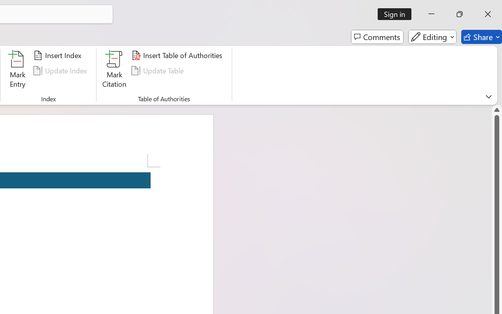 Image resolution: width=502 pixels, height=314 pixels. What do you see at coordinates (114, 70) in the screenshot?
I see `'Mark Citation...'` at bounding box center [114, 70].